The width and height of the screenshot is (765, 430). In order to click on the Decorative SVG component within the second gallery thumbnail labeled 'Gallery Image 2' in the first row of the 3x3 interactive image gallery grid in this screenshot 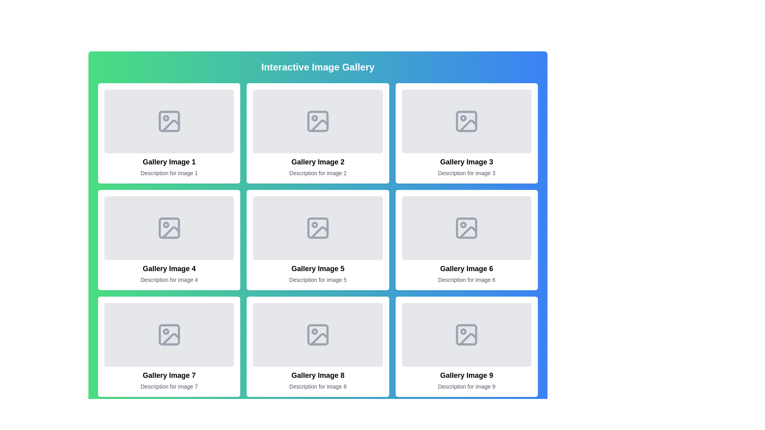, I will do `click(319, 125)`.